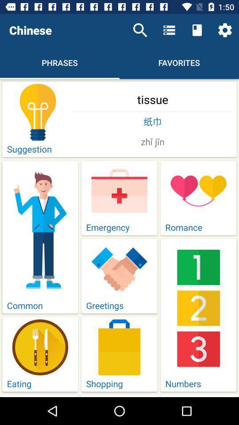 The image size is (239, 425). Describe the element at coordinates (140, 30) in the screenshot. I see `item above the tissue item` at that location.